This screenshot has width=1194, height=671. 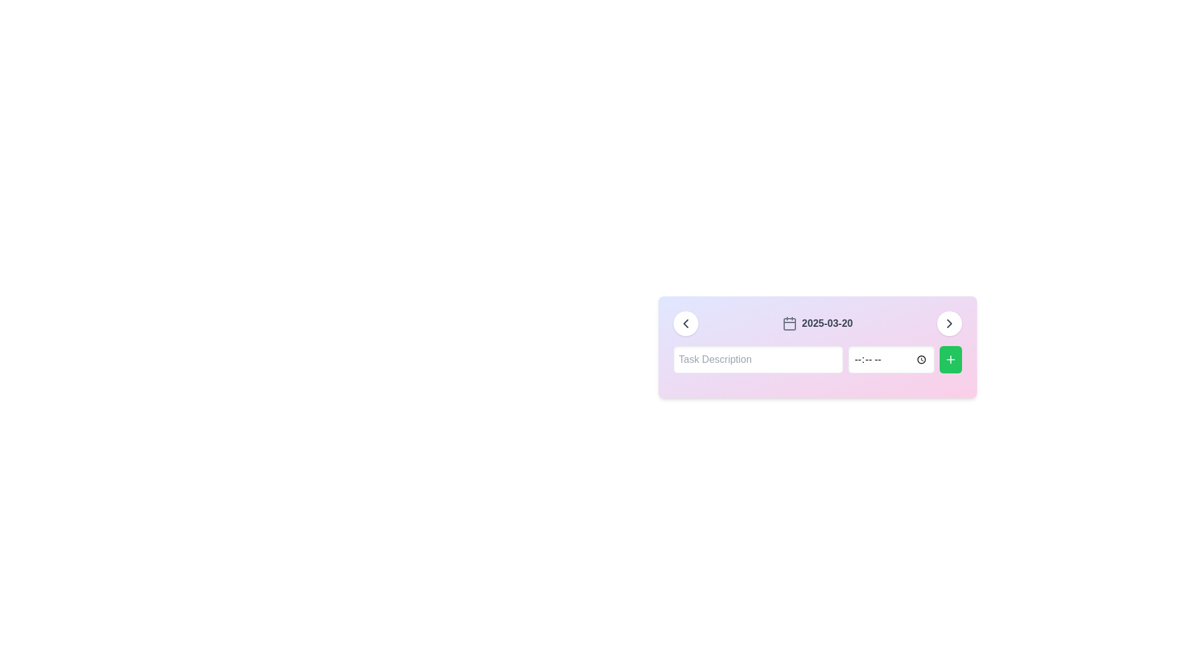 What do you see at coordinates (948, 322) in the screenshot?
I see `the circular button with a white background and a right-pointing chevron icon` at bounding box center [948, 322].